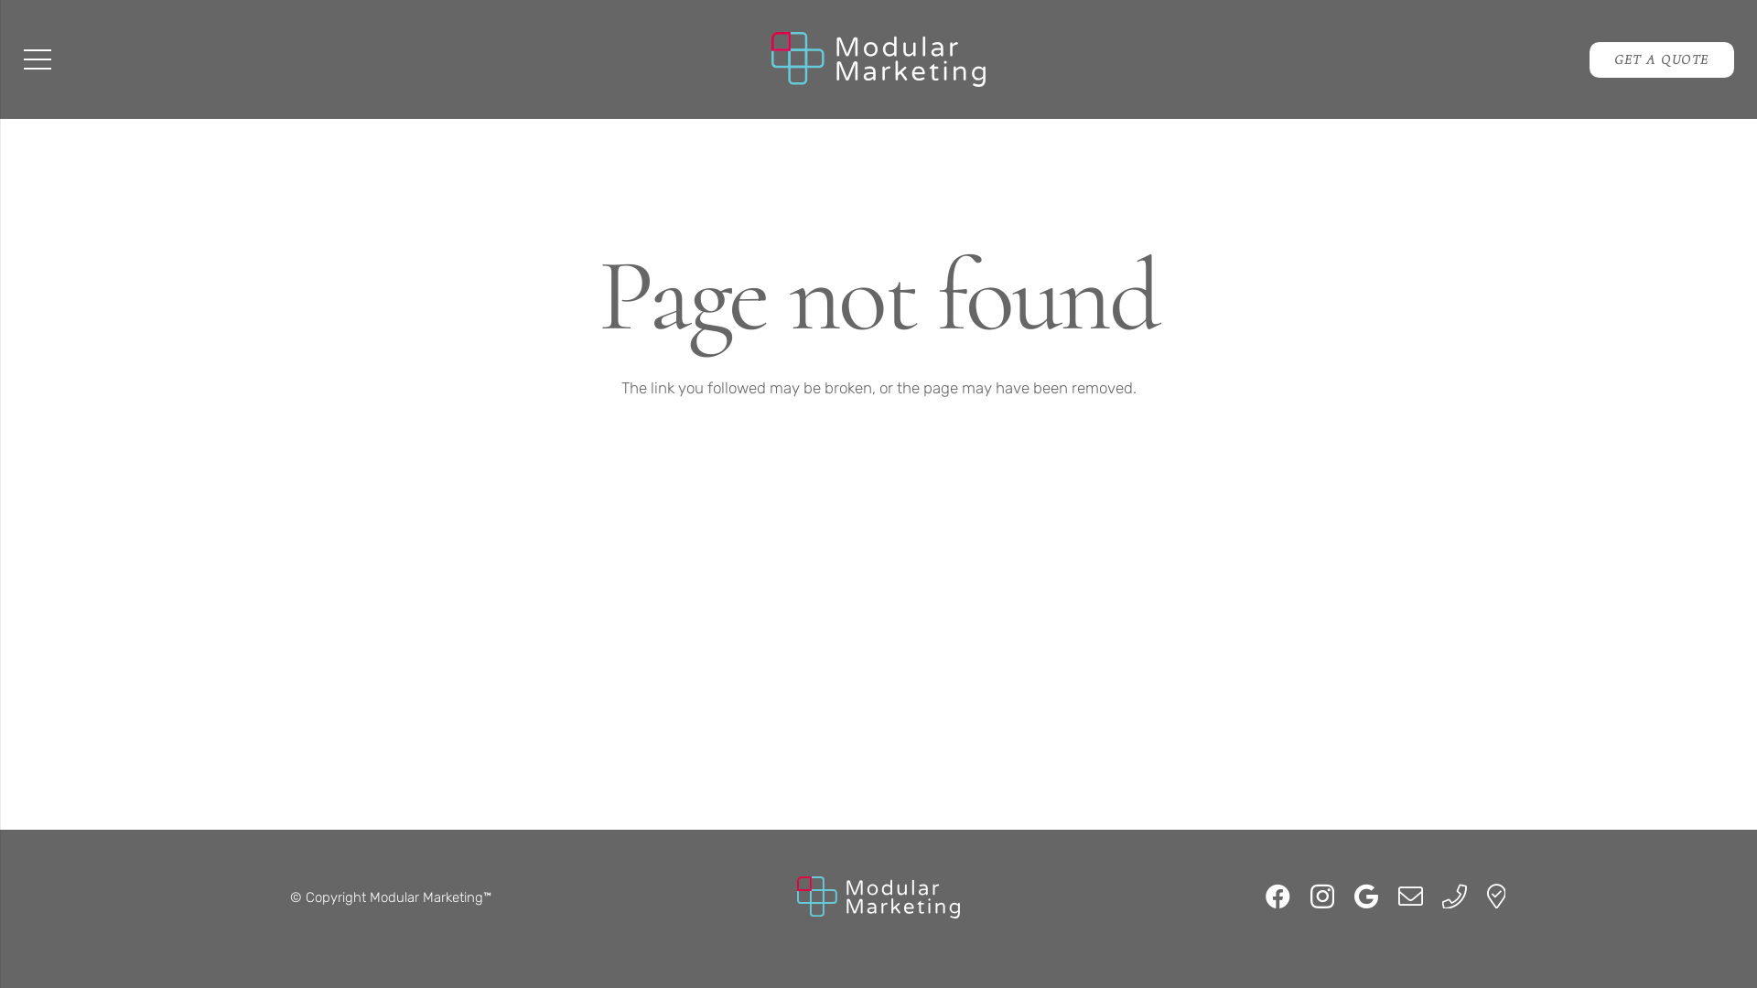 This screenshot has height=988, width=1757. I want to click on 'Title', so click(1487, 895).